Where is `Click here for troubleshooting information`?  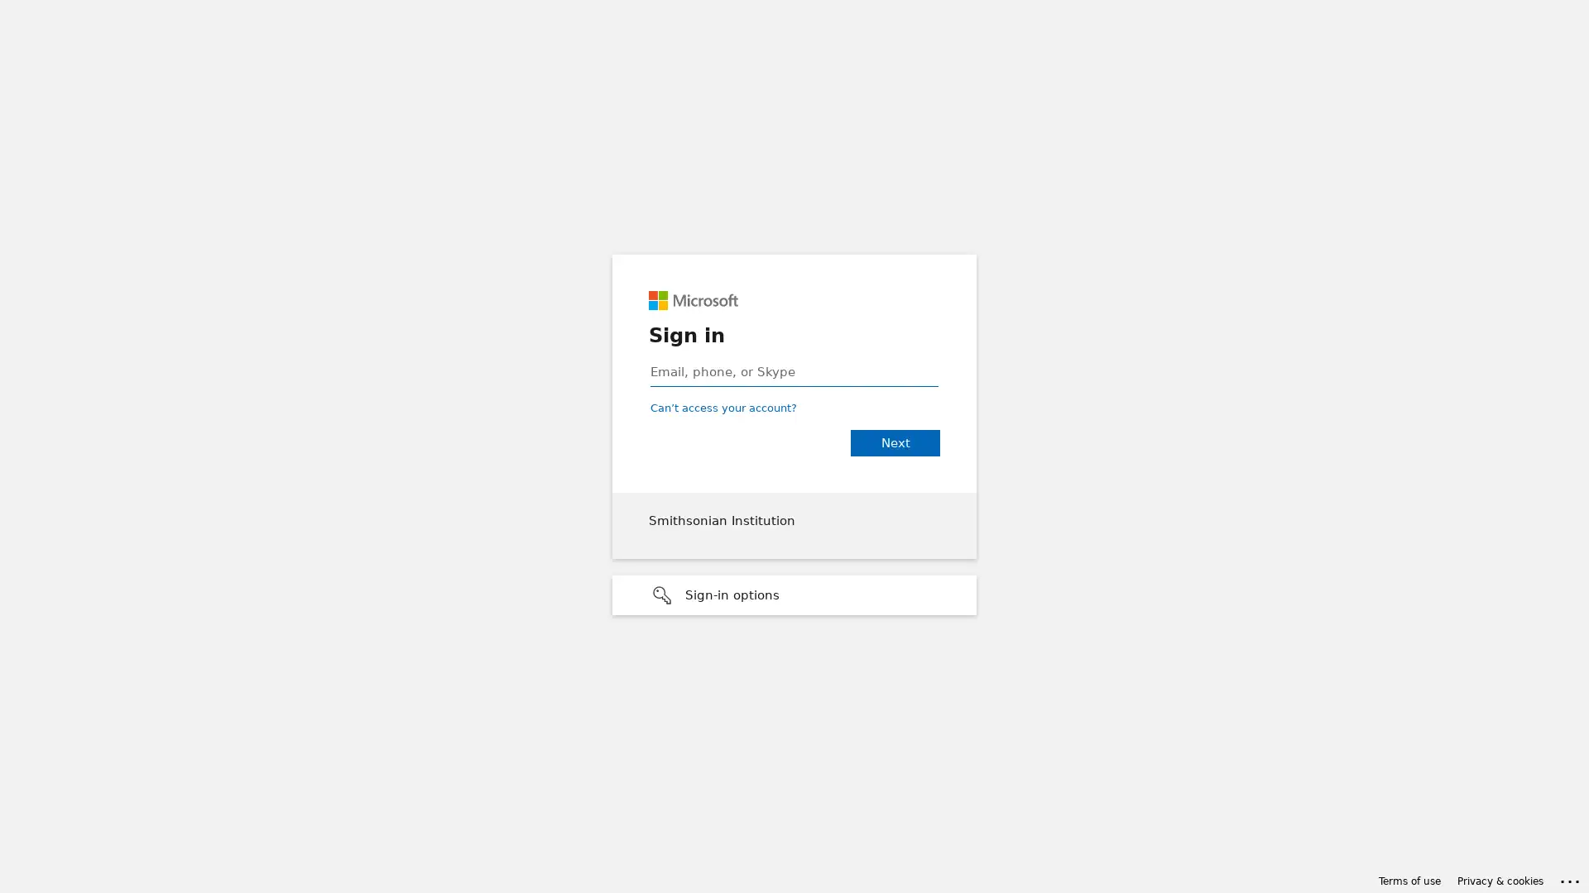
Click here for troubleshooting information is located at coordinates (1570, 878).